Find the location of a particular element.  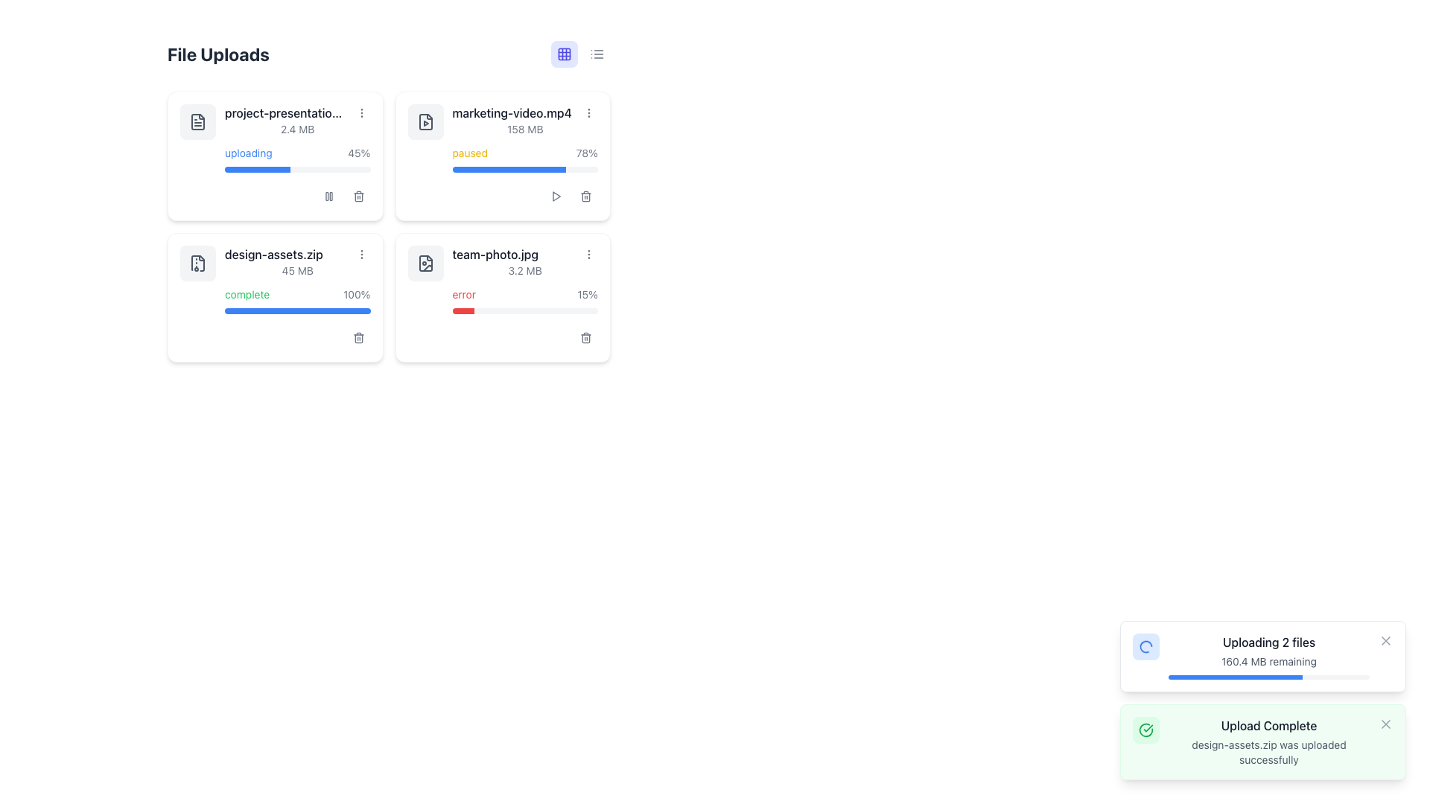

the loading spinner icon located in the left section of the notification panel titled 'Uploading 2 files', which is above the progress bar and next to the file upload status text is located at coordinates (1145, 645).